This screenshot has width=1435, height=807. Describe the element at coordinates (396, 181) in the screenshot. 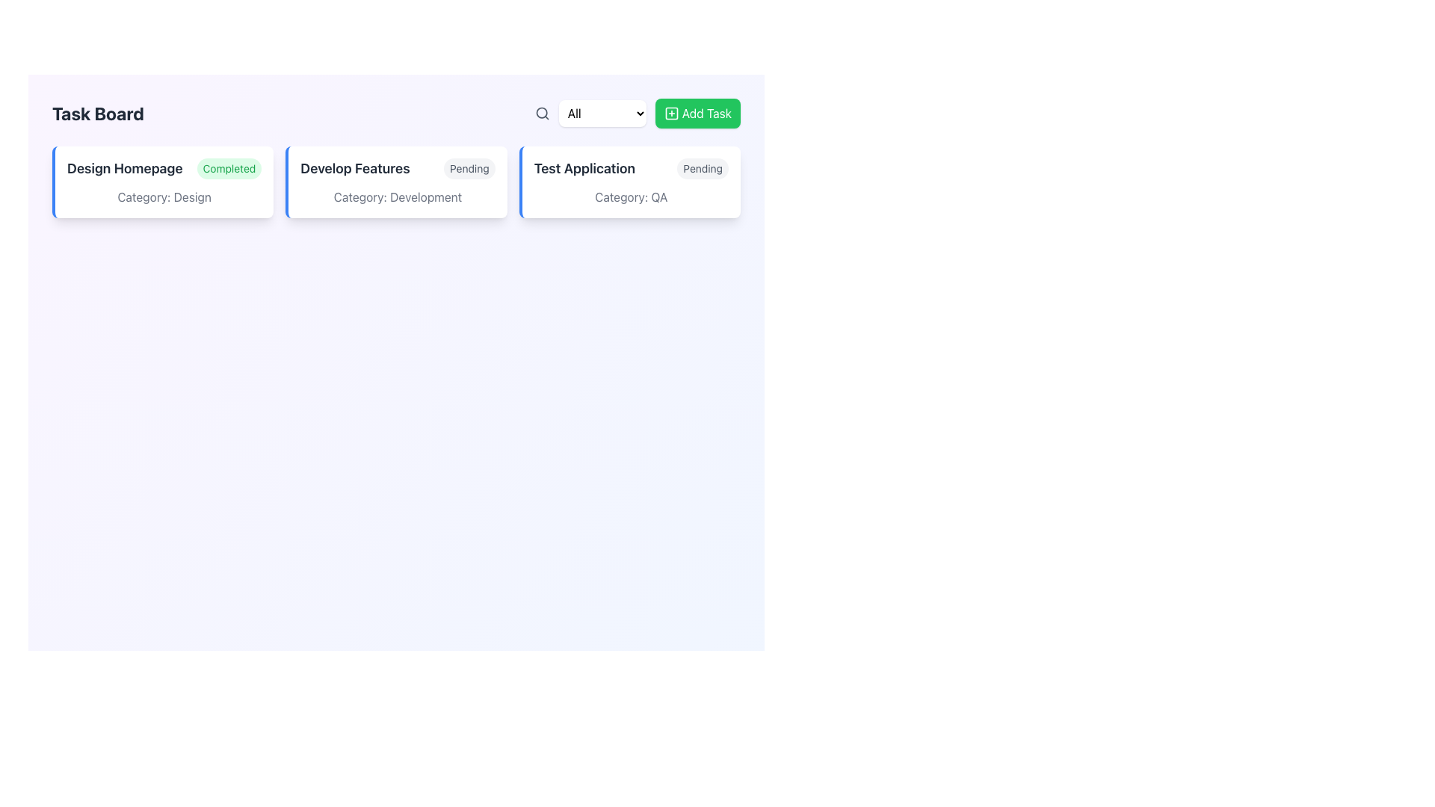

I see `the white card with rounded corners that has a bold title, a 'Pending' status indicator with a gray background, and a smaller category descriptor, located centrally as the second card in a row of three` at that location.